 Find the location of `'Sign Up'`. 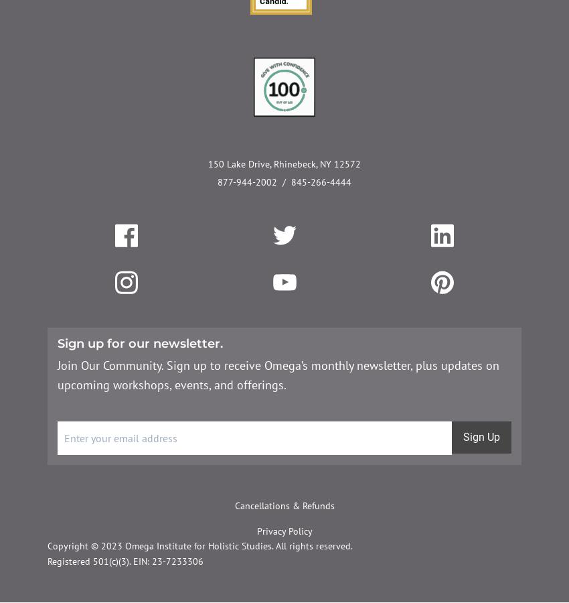

'Sign Up' is located at coordinates (481, 437).